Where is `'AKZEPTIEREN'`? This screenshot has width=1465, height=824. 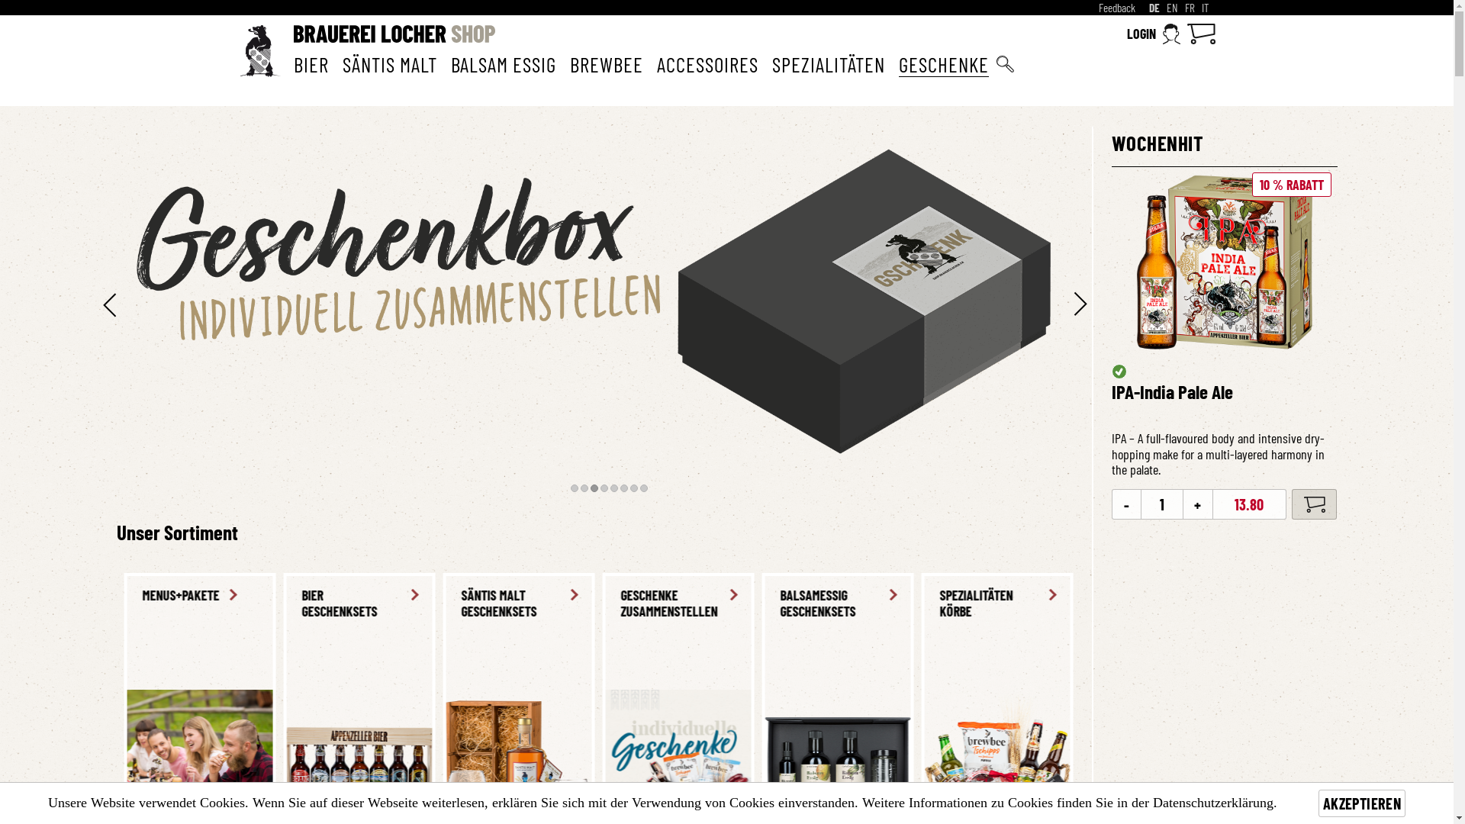 'AKZEPTIEREN' is located at coordinates (1318, 803).